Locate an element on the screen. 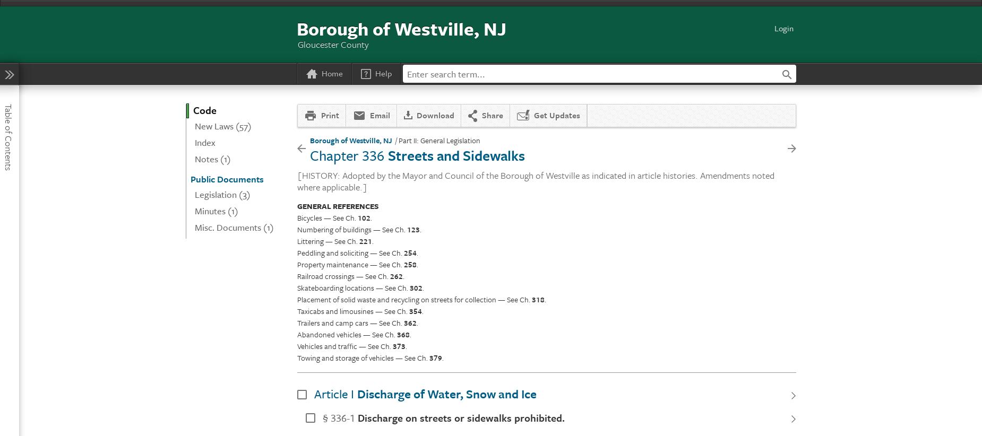 The height and width of the screenshot is (436, 982). 'GENERAL REFERENCES' is located at coordinates (338, 205).